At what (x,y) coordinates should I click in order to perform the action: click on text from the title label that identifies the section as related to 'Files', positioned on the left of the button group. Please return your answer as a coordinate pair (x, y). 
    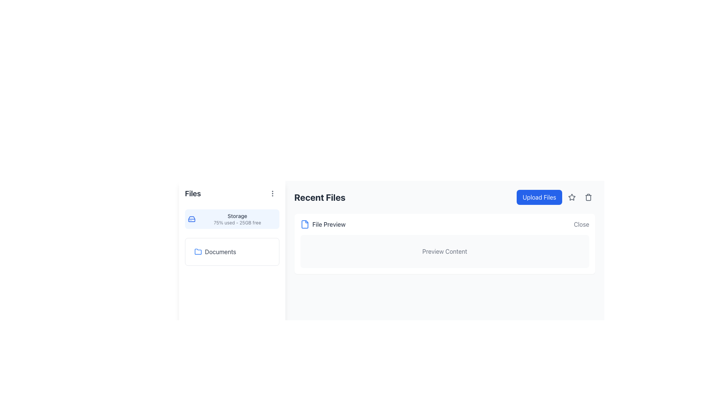
    Looking at the image, I should click on (193, 193).